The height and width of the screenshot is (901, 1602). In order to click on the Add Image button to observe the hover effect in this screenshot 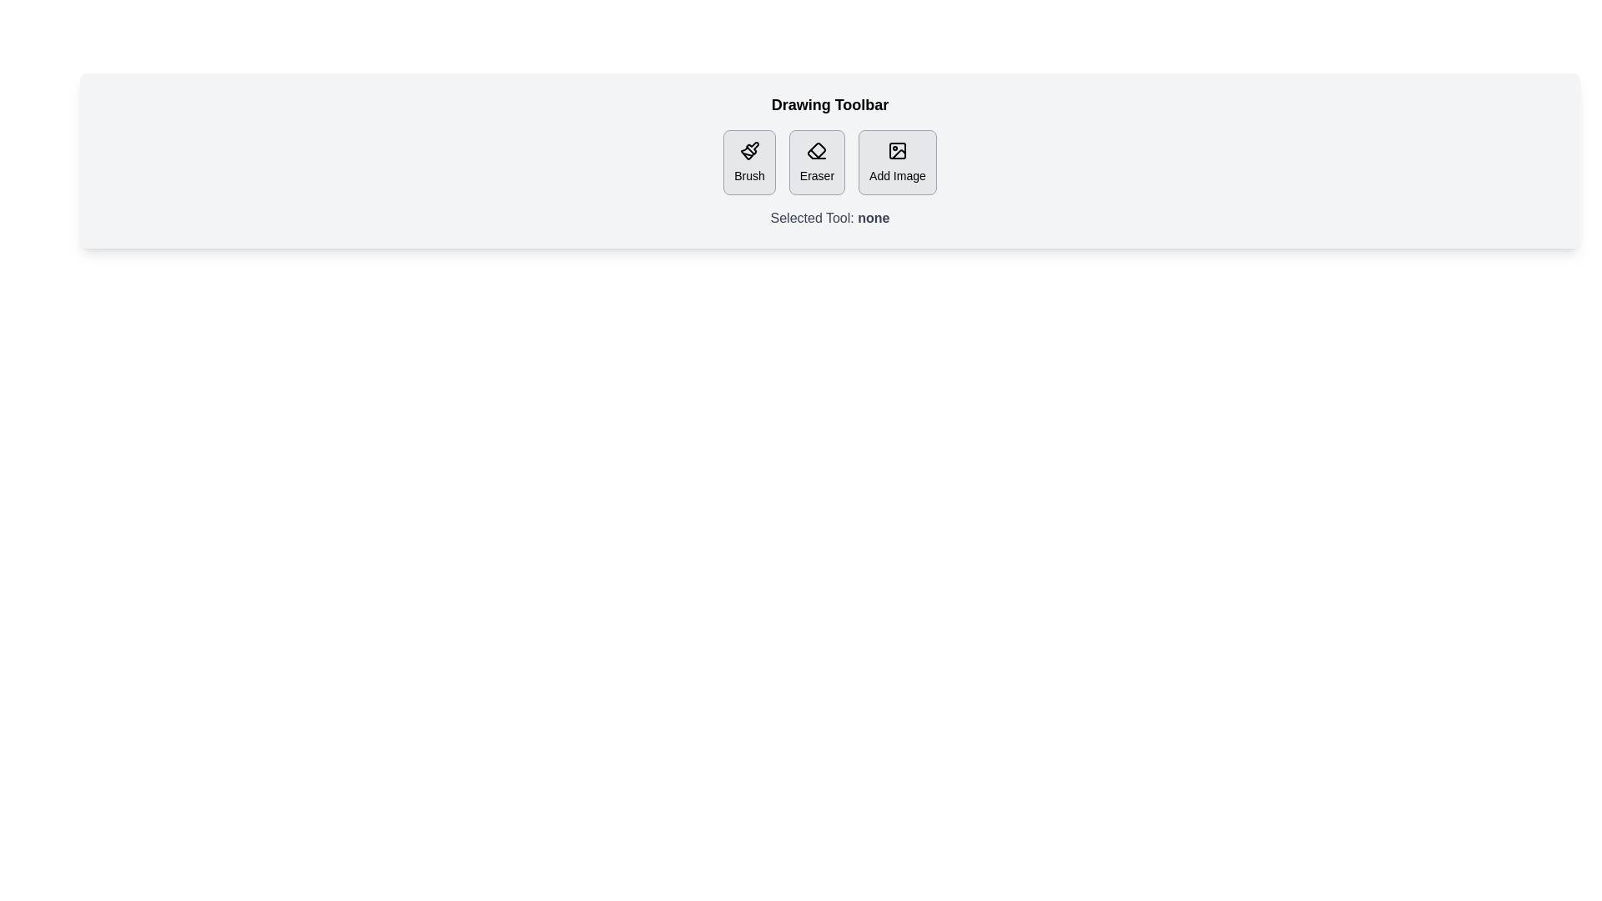, I will do `click(896, 163)`.